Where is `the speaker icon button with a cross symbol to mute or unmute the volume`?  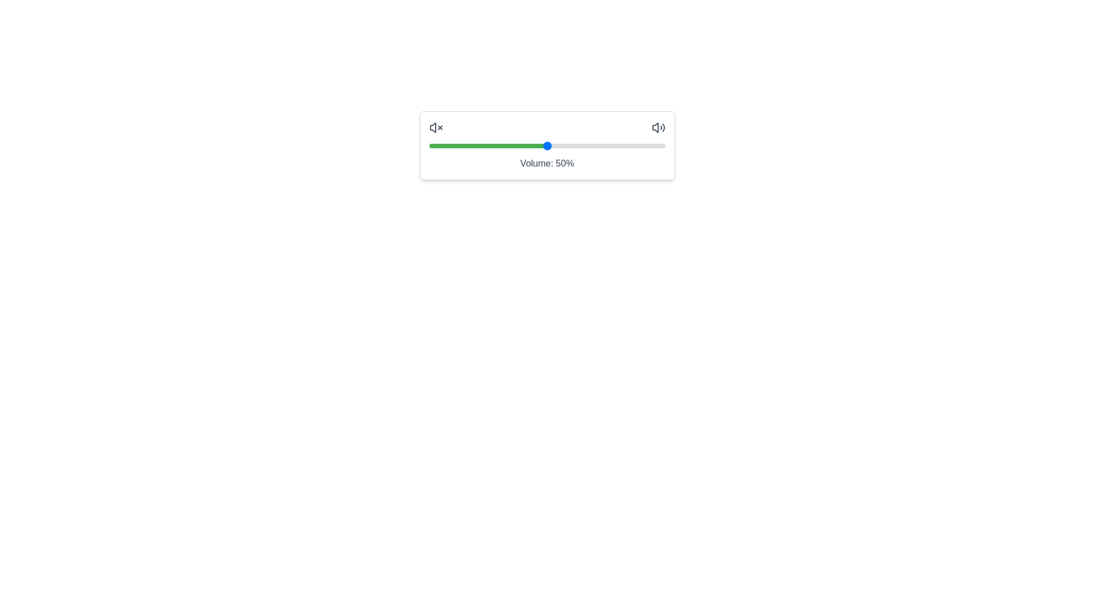 the speaker icon button with a cross symbol to mute or unmute the volume is located at coordinates (435, 127).